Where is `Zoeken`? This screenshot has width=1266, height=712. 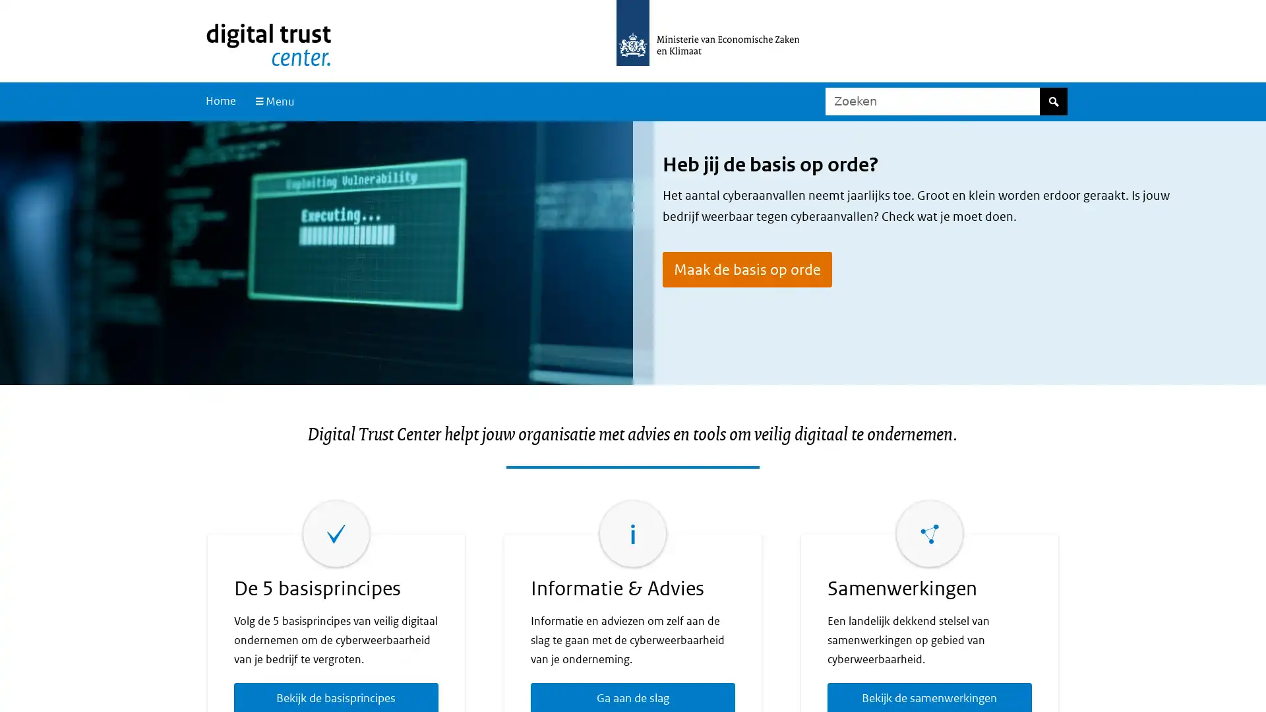
Zoeken is located at coordinates (1052, 101).